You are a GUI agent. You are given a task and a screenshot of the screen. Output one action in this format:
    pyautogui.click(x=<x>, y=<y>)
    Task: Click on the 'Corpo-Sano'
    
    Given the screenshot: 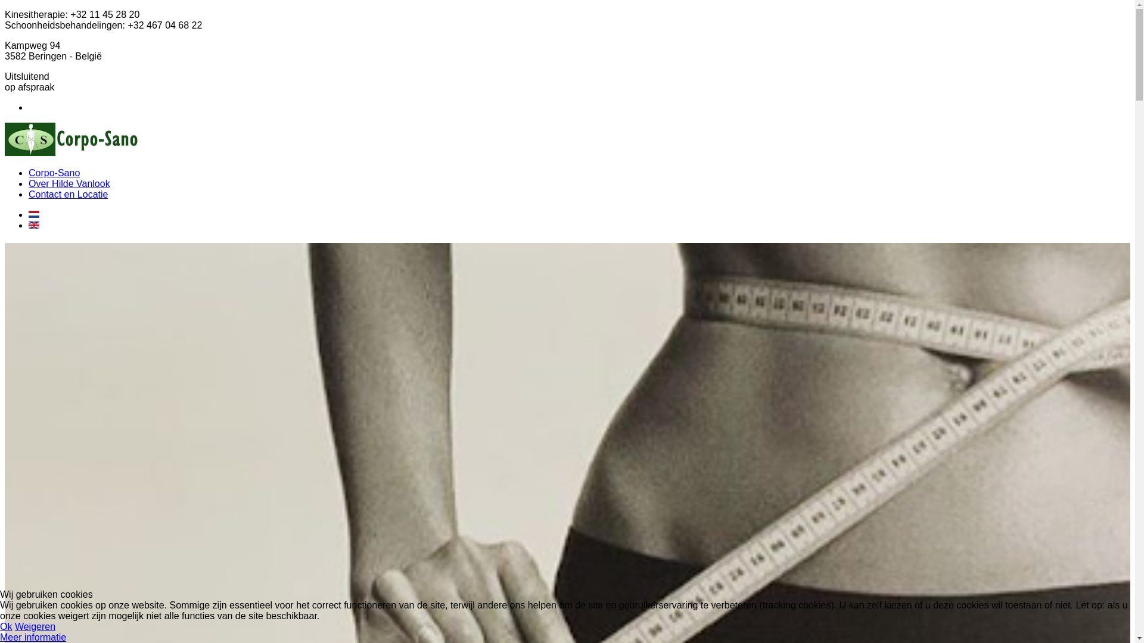 What is the action you would take?
    pyautogui.click(x=54, y=173)
    